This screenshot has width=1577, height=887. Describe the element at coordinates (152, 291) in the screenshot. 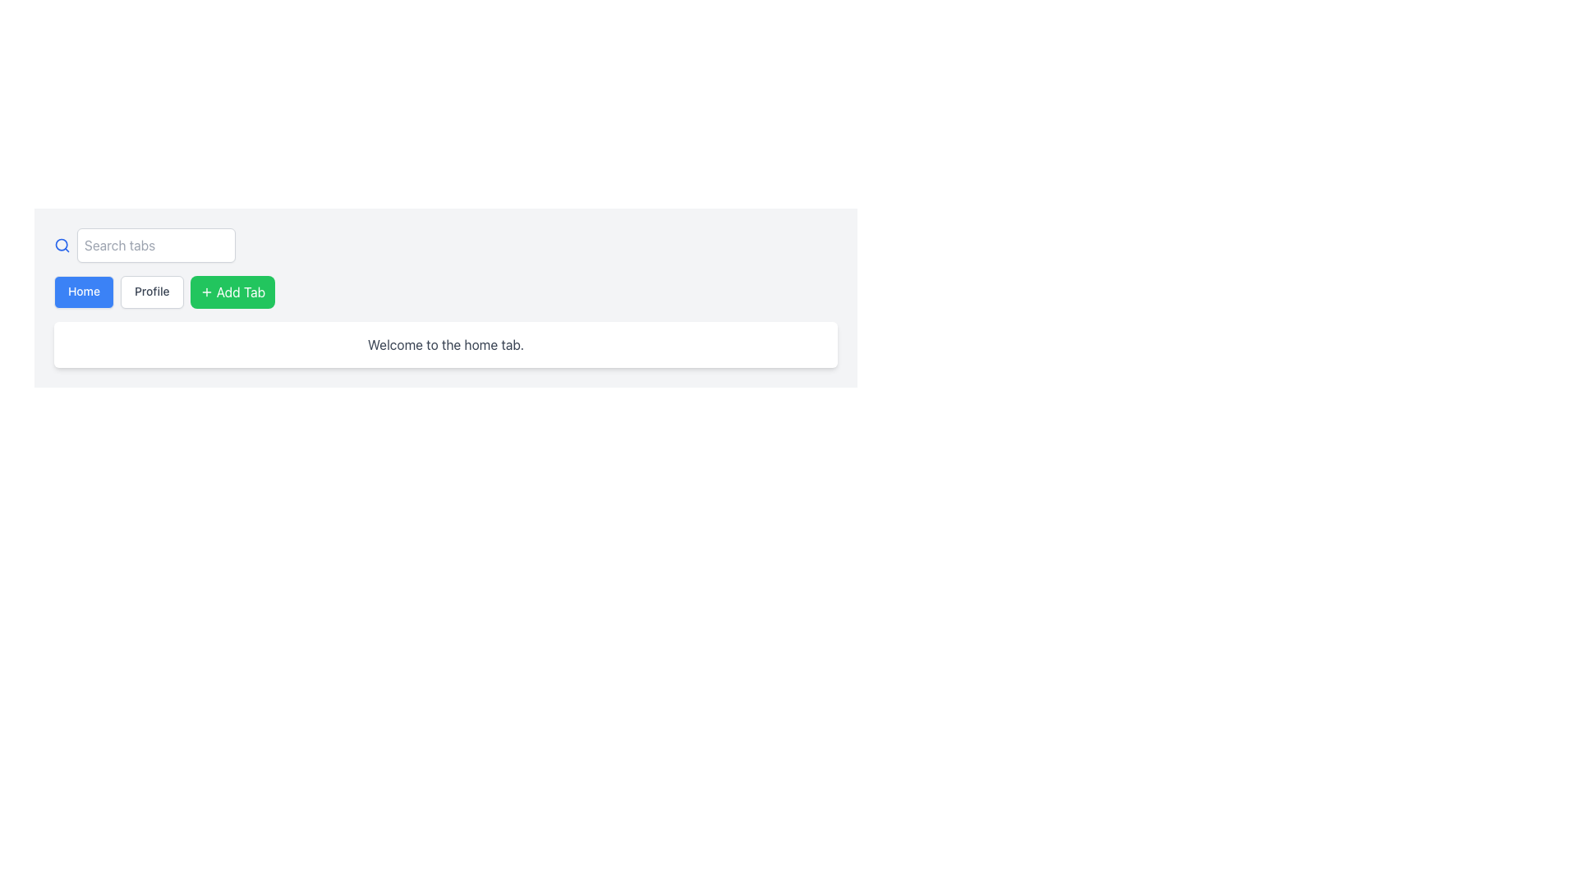

I see `the 'Profile' navigation button located between the 'Home' and 'Add Tab' buttons` at that location.